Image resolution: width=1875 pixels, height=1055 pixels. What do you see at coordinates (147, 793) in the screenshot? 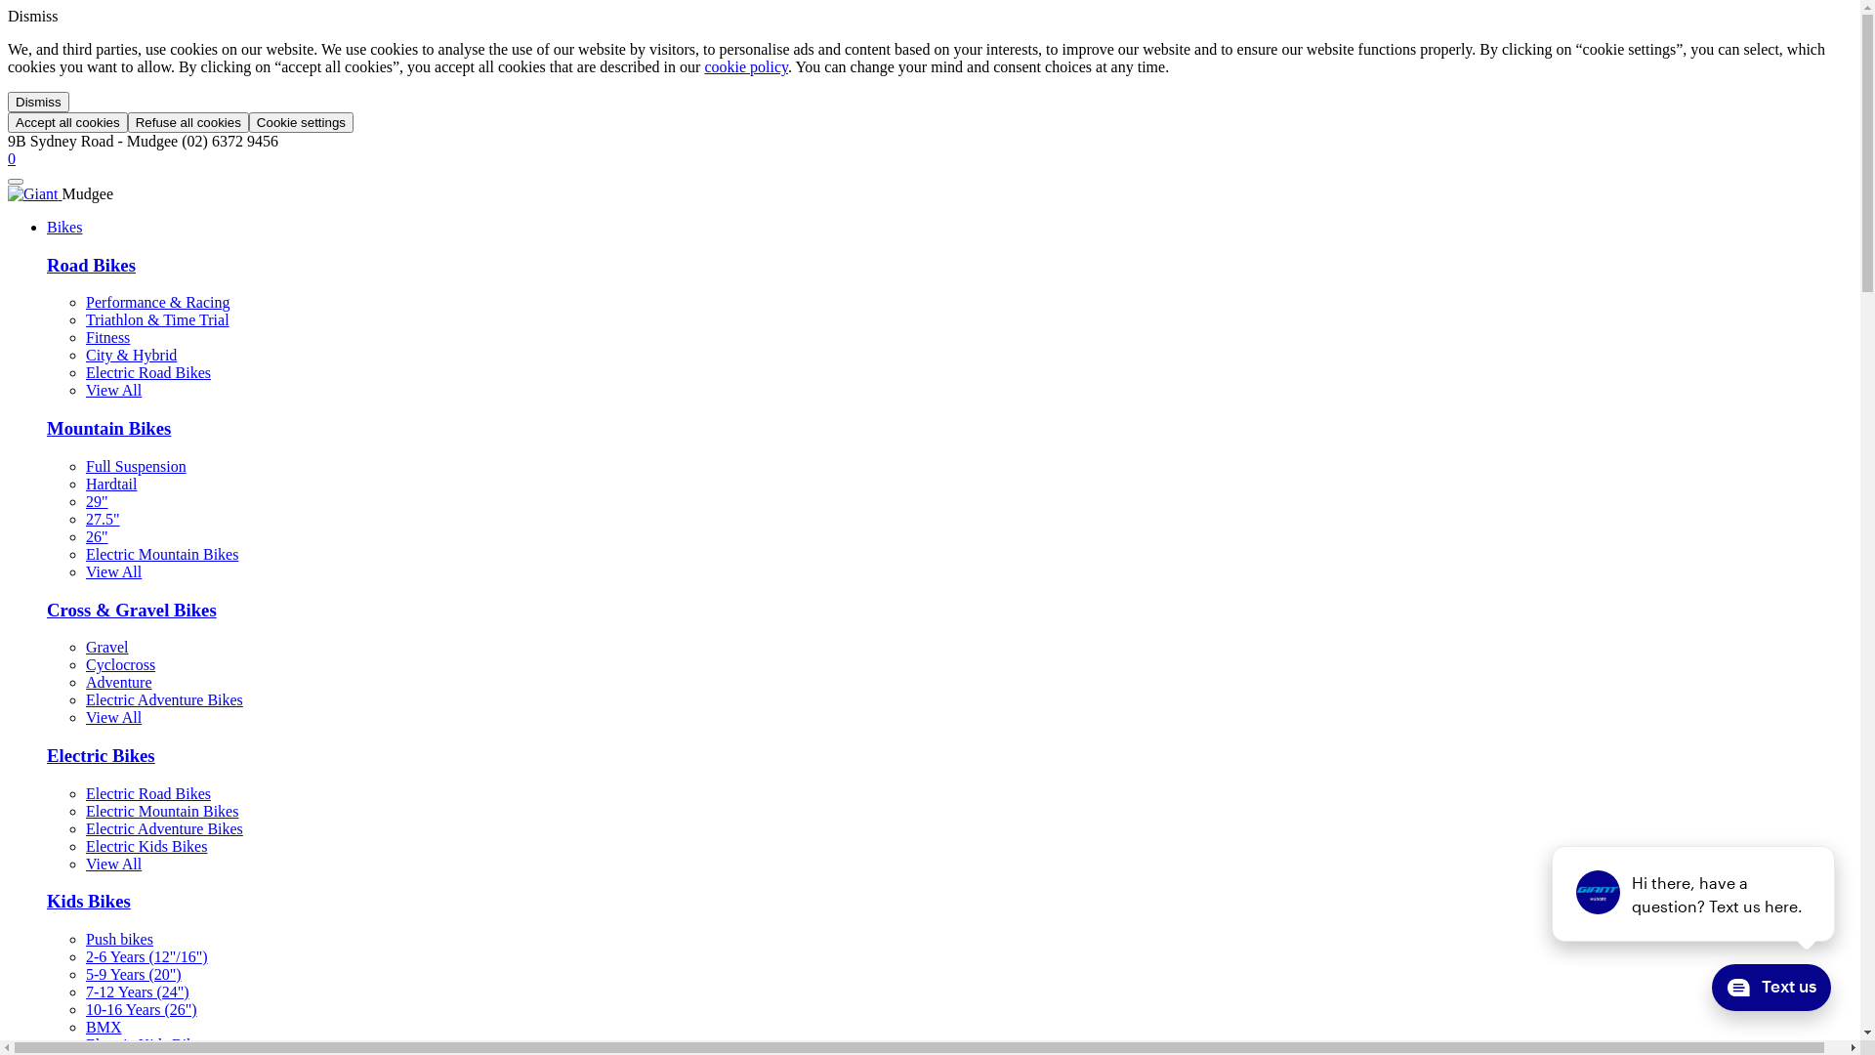
I see `'Electric Road Bikes'` at bounding box center [147, 793].